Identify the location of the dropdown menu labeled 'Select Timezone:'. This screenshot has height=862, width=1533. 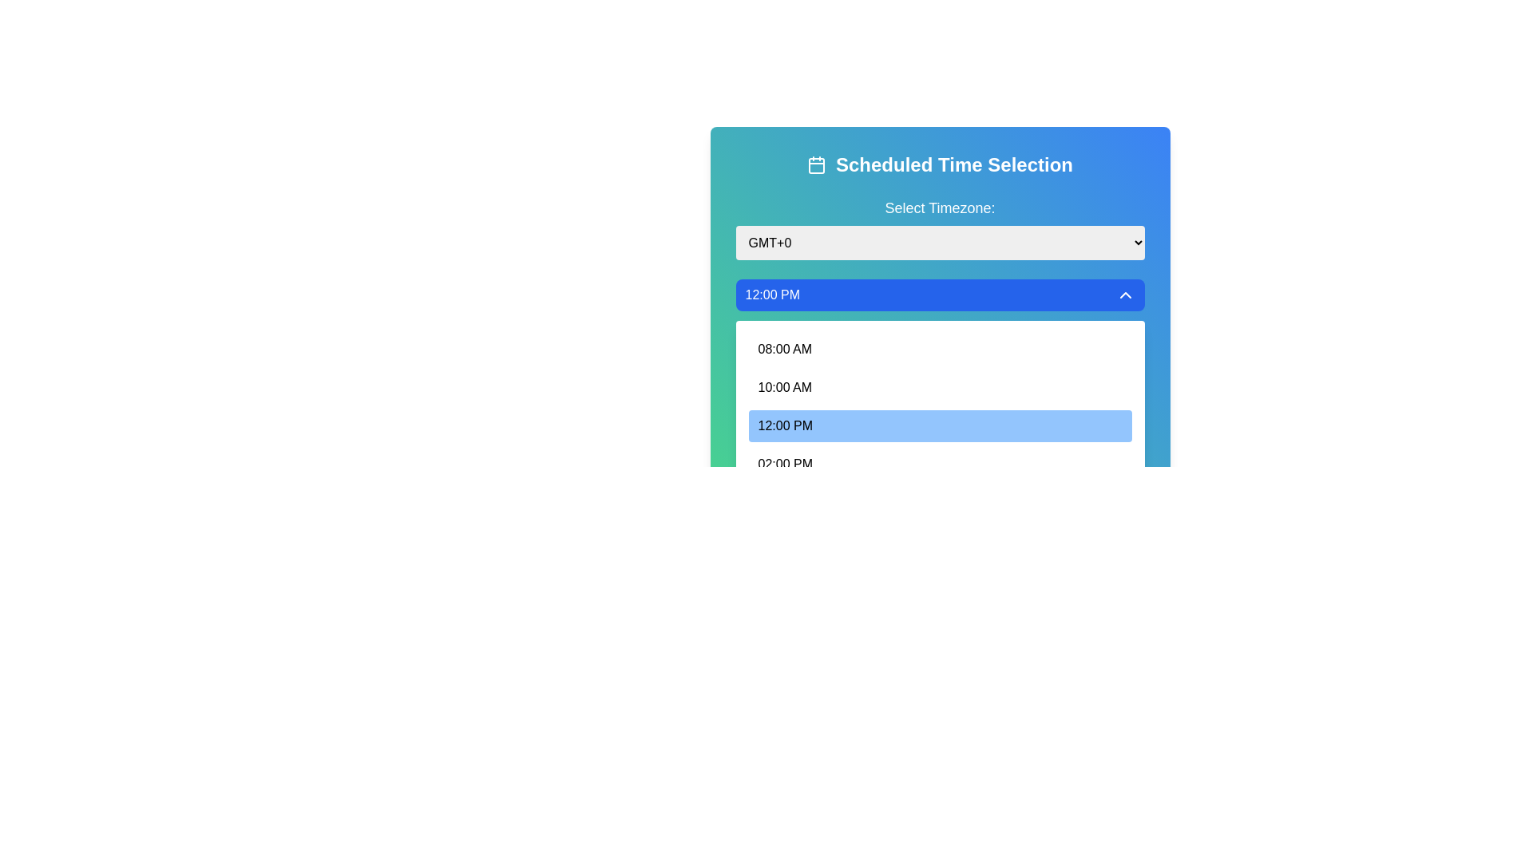
(940, 228).